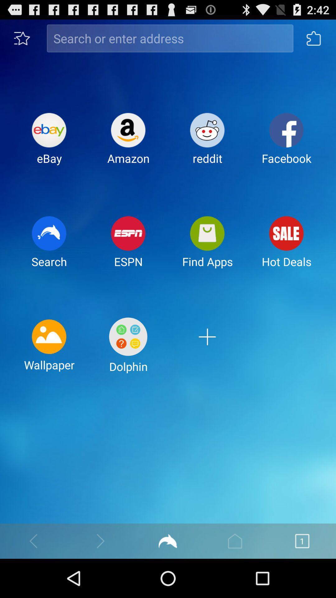 The width and height of the screenshot is (336, 598). Describe the element at coordinates (49, 350) in the screenshot. I see `the icon next to the dolphin icon` at that location.